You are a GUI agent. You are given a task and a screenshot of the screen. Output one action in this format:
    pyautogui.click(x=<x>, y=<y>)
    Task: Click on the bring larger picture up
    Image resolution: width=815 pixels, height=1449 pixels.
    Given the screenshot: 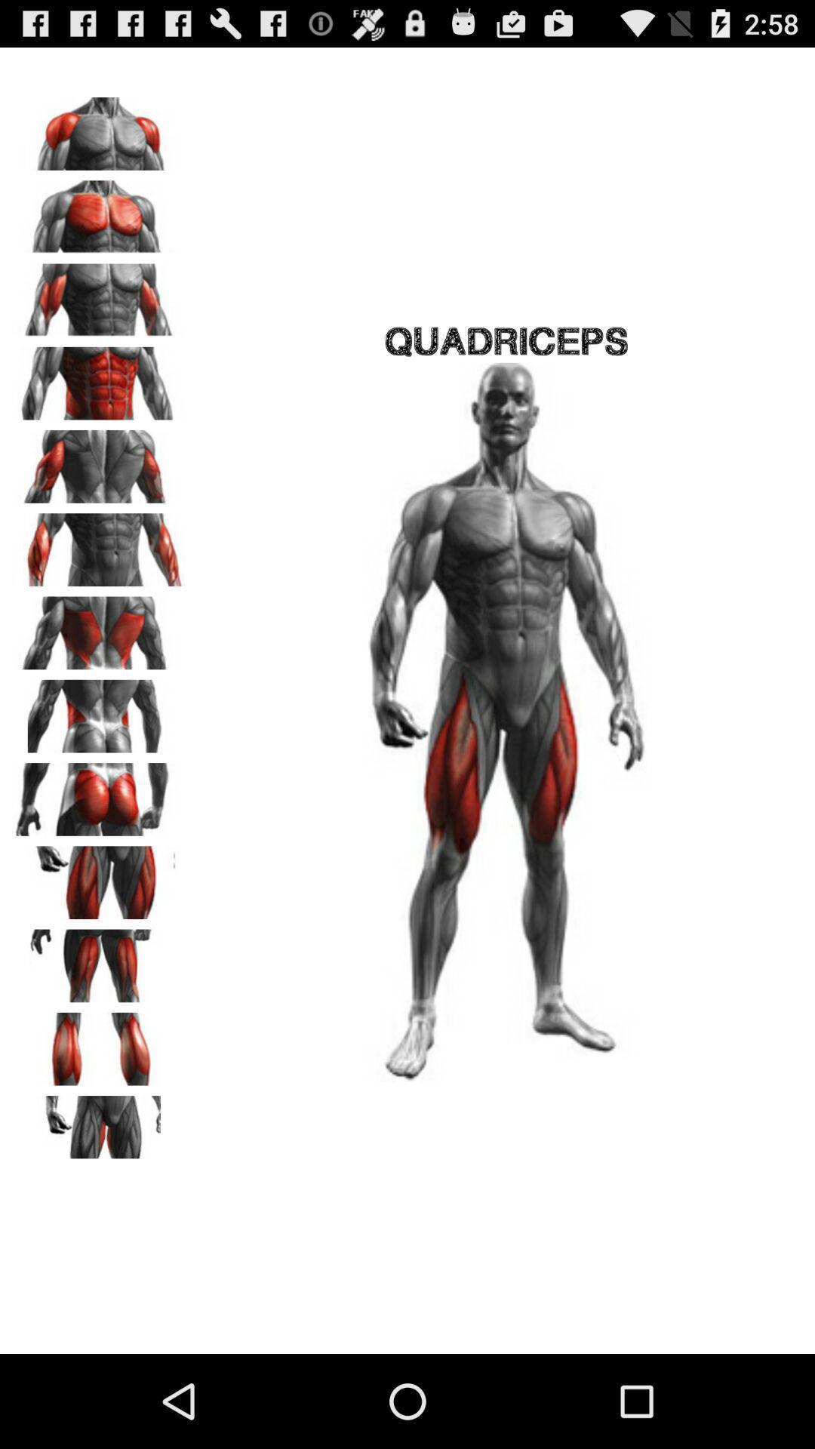 What is the action you would take?
    pyautogui.click(x=99, y=877)
    